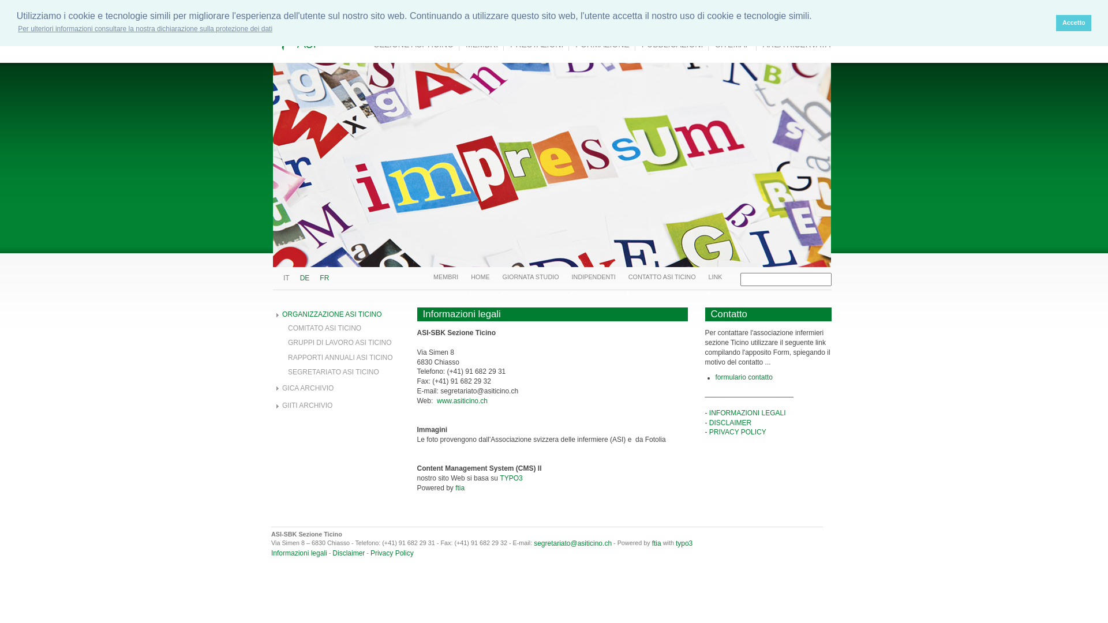 The width and height of the screenshot is (1108, 623). I want to click on 'Accetto', so click(1073, 22).